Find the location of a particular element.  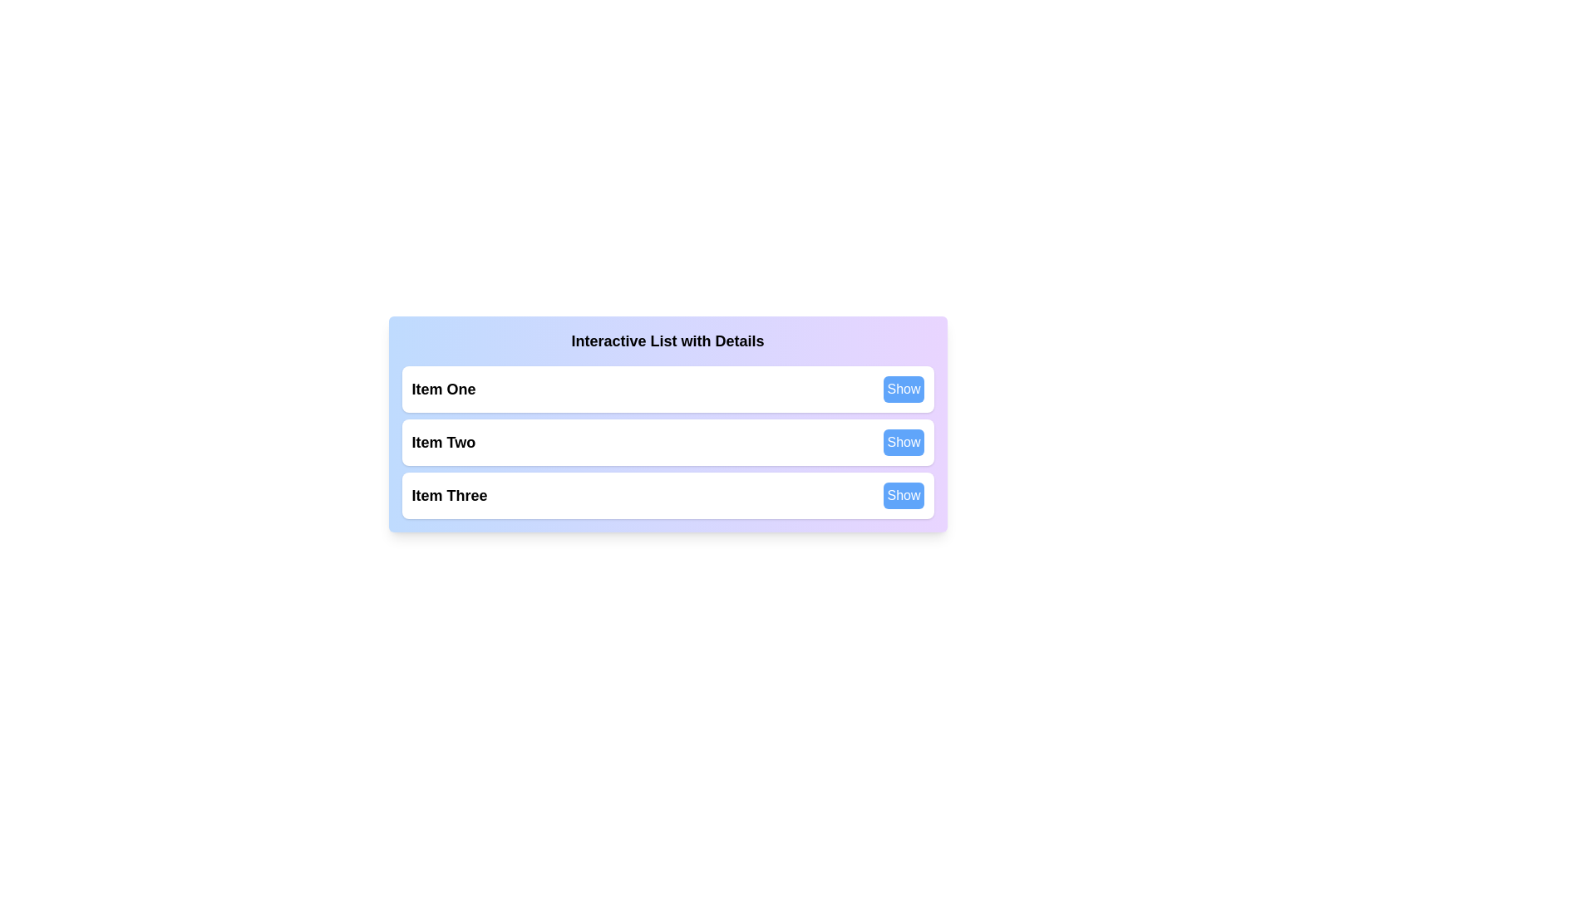

the 'Show' button for the item with title Item One is located at coordinates (903, 390).